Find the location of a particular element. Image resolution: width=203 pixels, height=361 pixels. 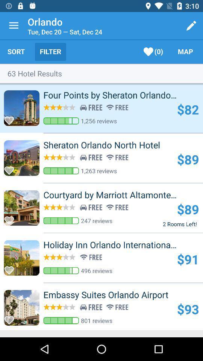

hotel to favorites is located at coordinates (11, 168).